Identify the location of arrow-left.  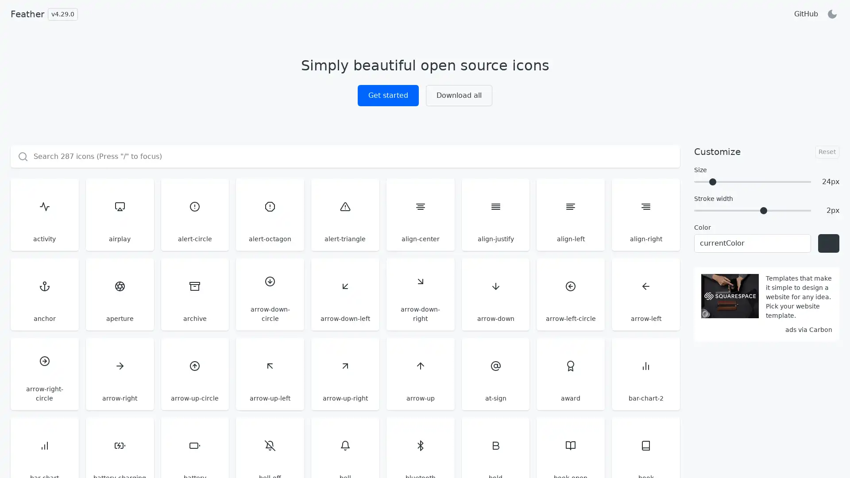
(646, 294).